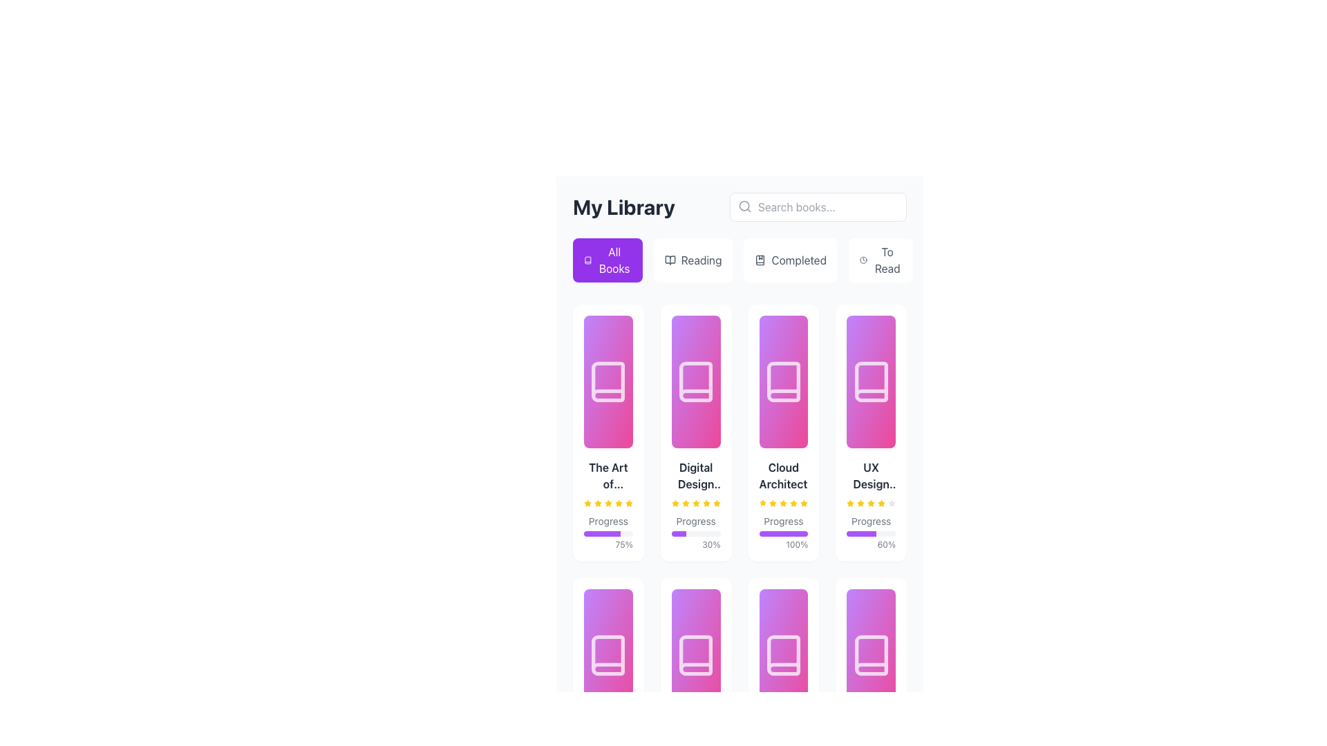 Image resolution: width=1327 pixels, height=746 pixels. Describe the element at coordinates (608, 504) in the screenshot. I see `the displayed rating by focusing on the fourth star-shaped icon from the left, which is yellow and filled, located below the book titled 'The Art of...'` at that location.